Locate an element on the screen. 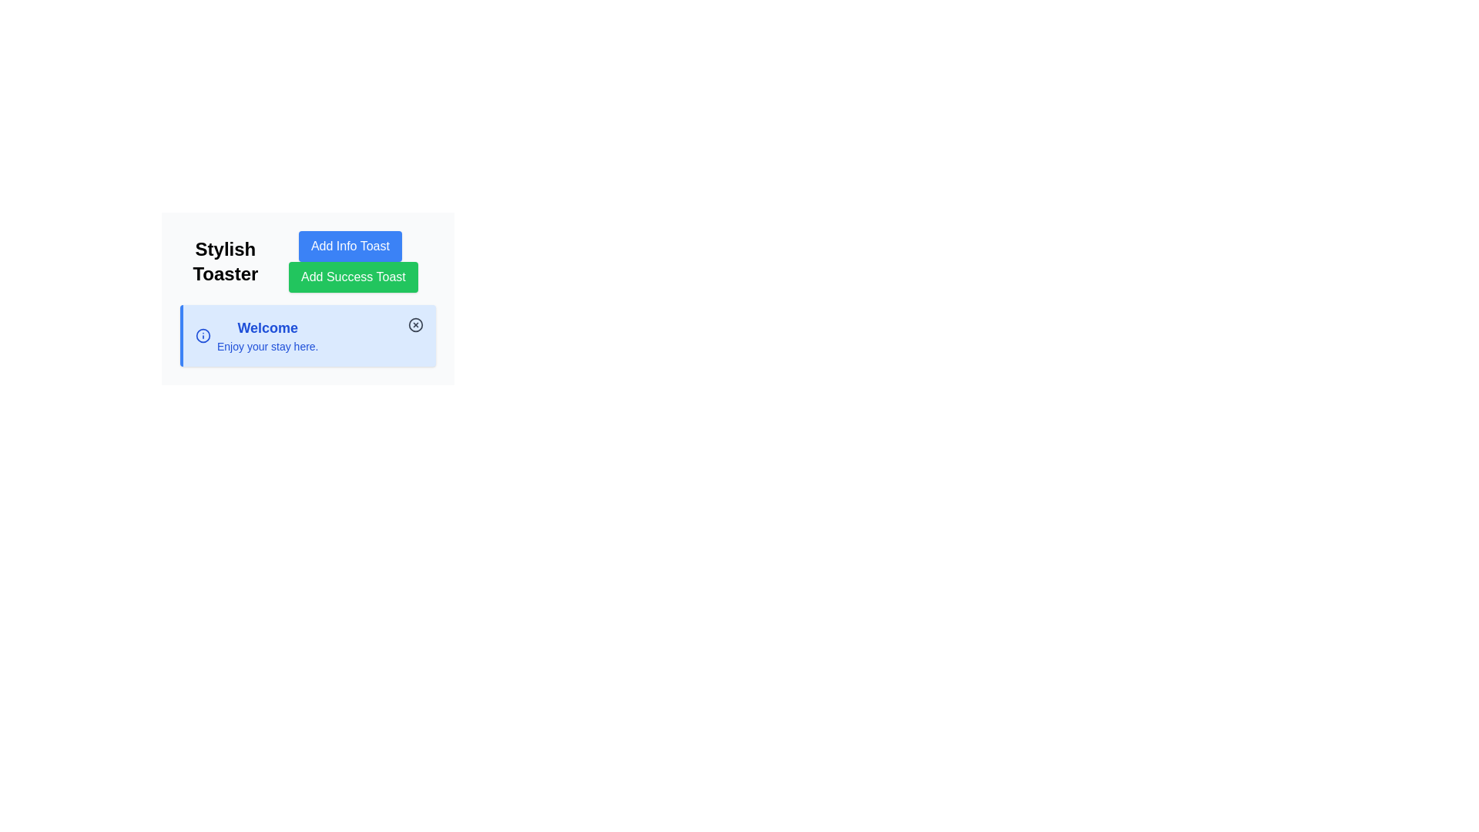 Image resolution: width=1479 pixels, height=832 pixels. the welcome message element that is centrally positioned below the 'Add Info Toast' and 'Add Success Toast' buttons, featuring a blue informational icon on the left and a dismiss icon on the right is located at coordinates (267, 334).